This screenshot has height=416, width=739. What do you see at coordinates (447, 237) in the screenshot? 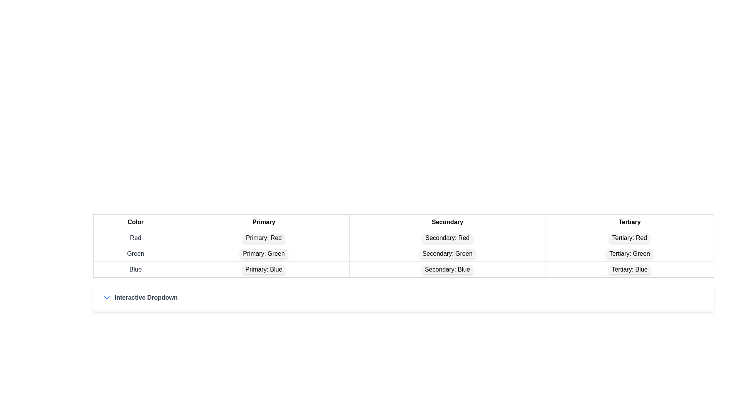
I see `text from the text label displaying 'Secondary: Red' which is styled with a gray background and located in the first row of the 'Secondary' column in the table` at bounding box center [447, 237].